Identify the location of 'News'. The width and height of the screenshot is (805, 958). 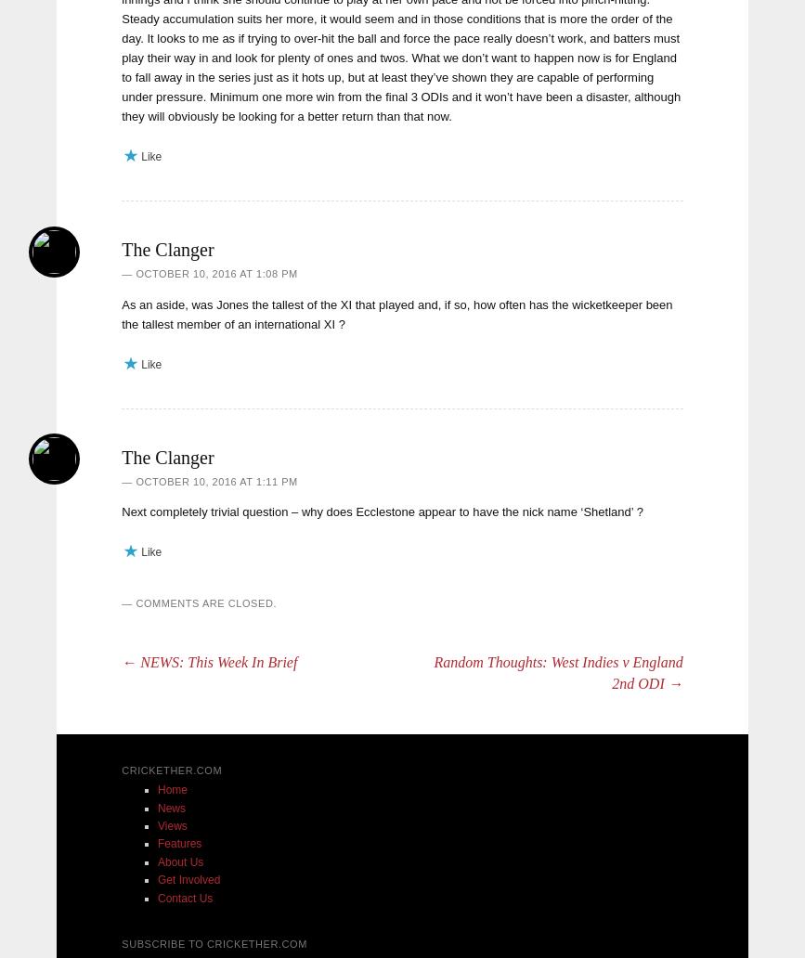
(172, 807).